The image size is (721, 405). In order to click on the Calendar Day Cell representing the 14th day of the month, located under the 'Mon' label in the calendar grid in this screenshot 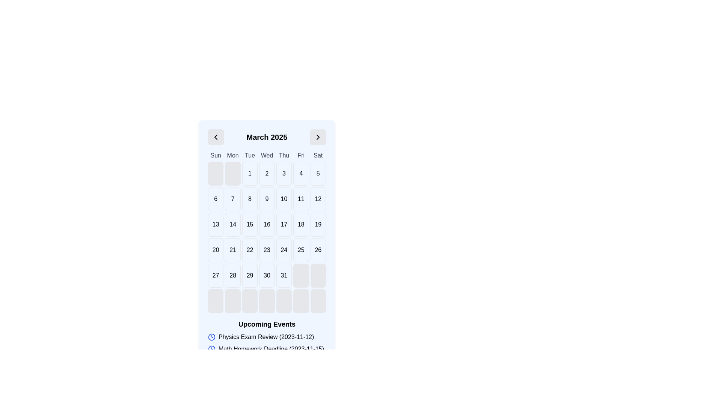, I will do `click(232, 224)`.